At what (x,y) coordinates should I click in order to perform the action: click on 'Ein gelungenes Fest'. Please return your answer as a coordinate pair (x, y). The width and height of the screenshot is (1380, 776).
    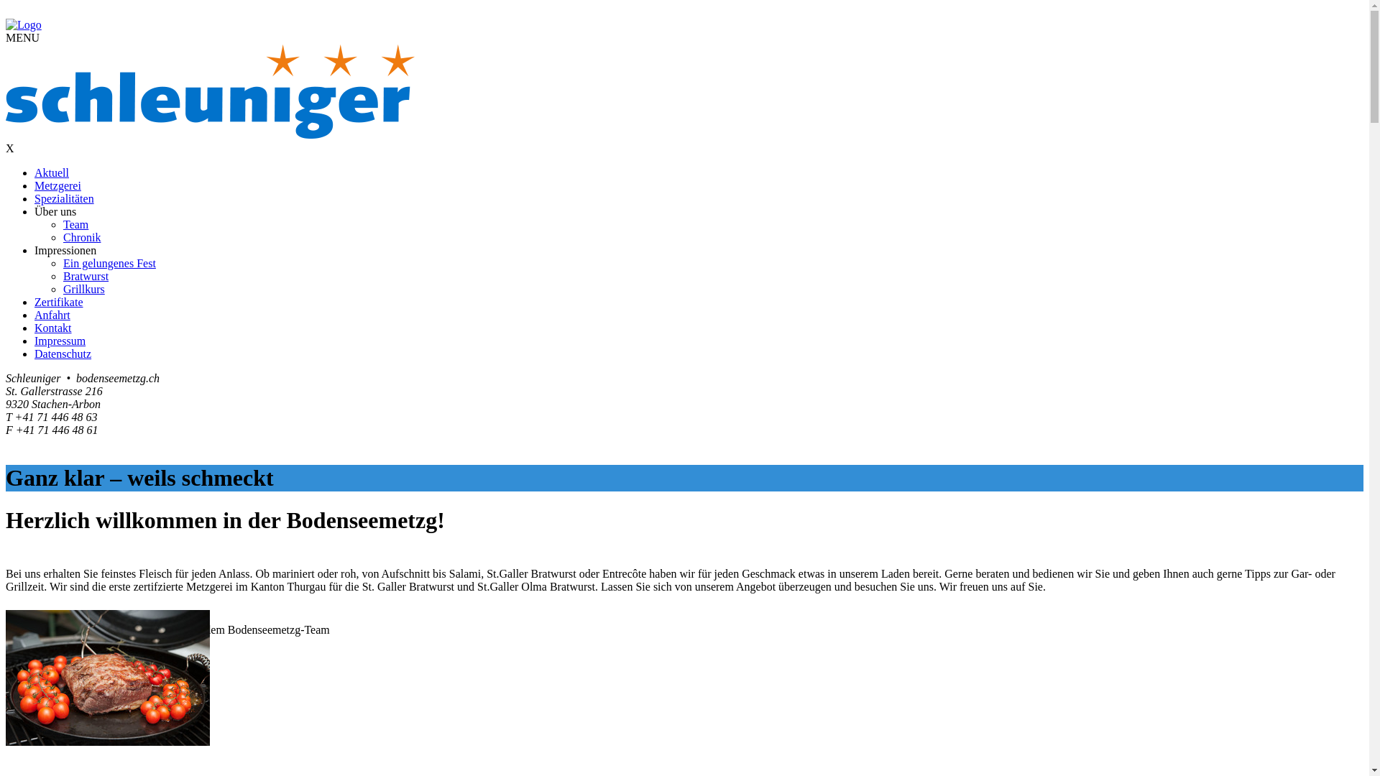
    Looking at the image, I should click on (109, 263).